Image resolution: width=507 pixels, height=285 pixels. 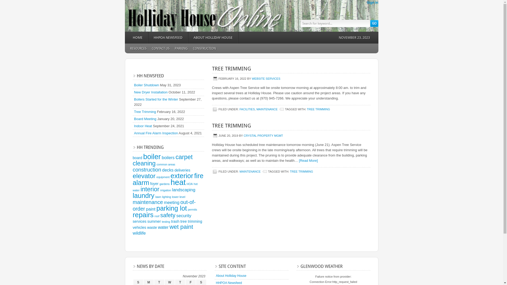 What do you see at coordinates (151, 208) in the screenshot?
I see `'paint'` at bounding box center [151, 208].